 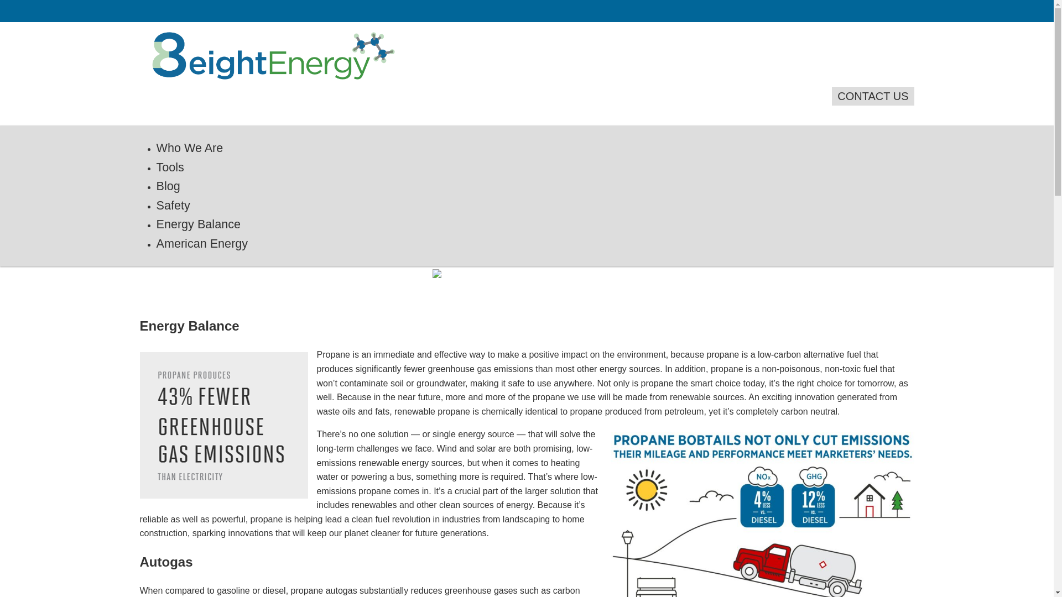 What do you see at coordinates (167, 185) in the screenshot?
I see `'Blog'` at bounding box center [167, 185].